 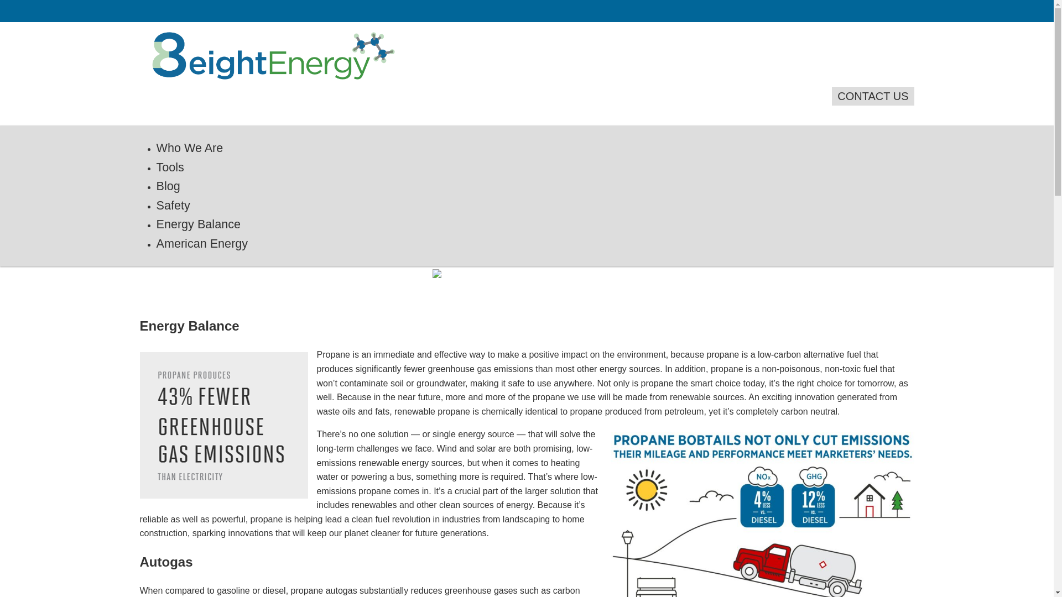 What do you see at coordinates (167, 185) in the screenshot?
I see `'Blog'` at bounding box center [167, 185].